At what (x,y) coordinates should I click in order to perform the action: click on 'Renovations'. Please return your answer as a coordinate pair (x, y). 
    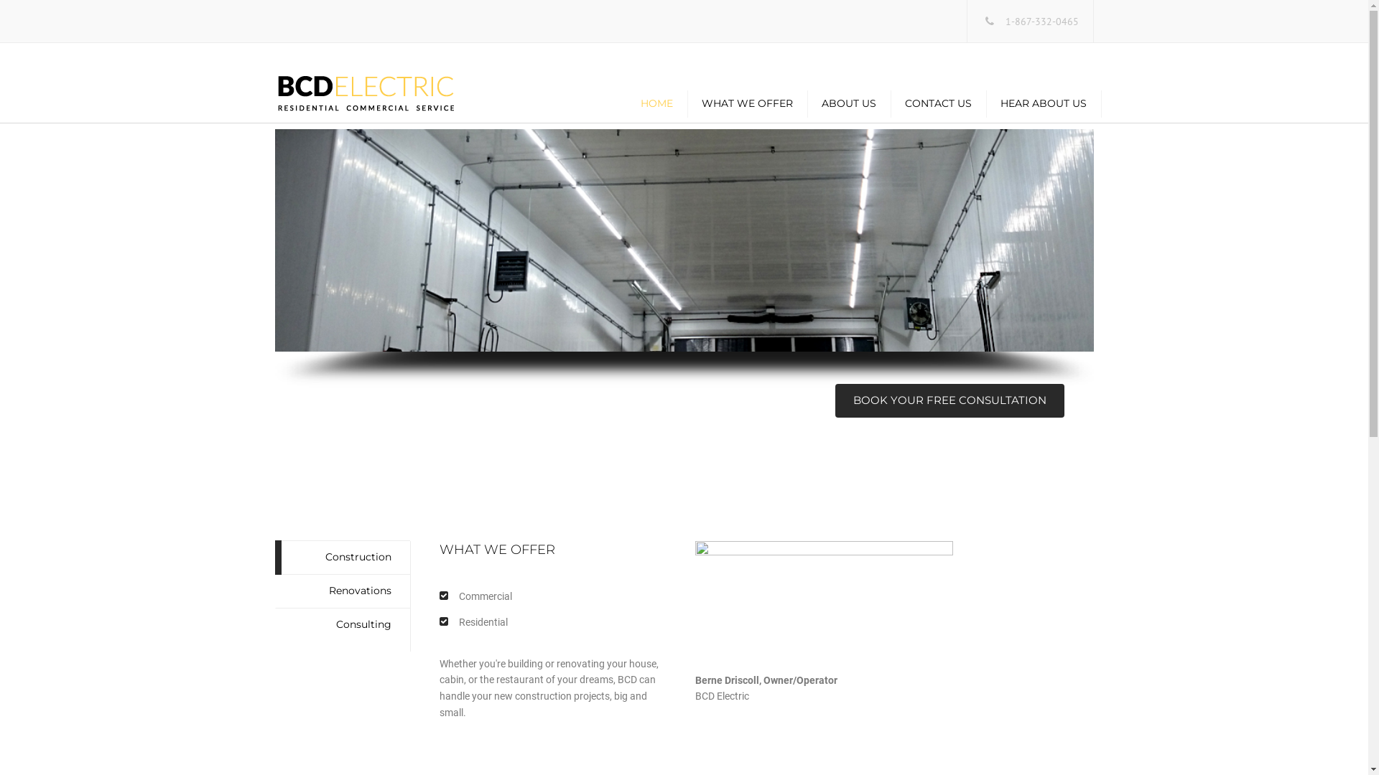
    Looking at the image, I should click on (341, 591).